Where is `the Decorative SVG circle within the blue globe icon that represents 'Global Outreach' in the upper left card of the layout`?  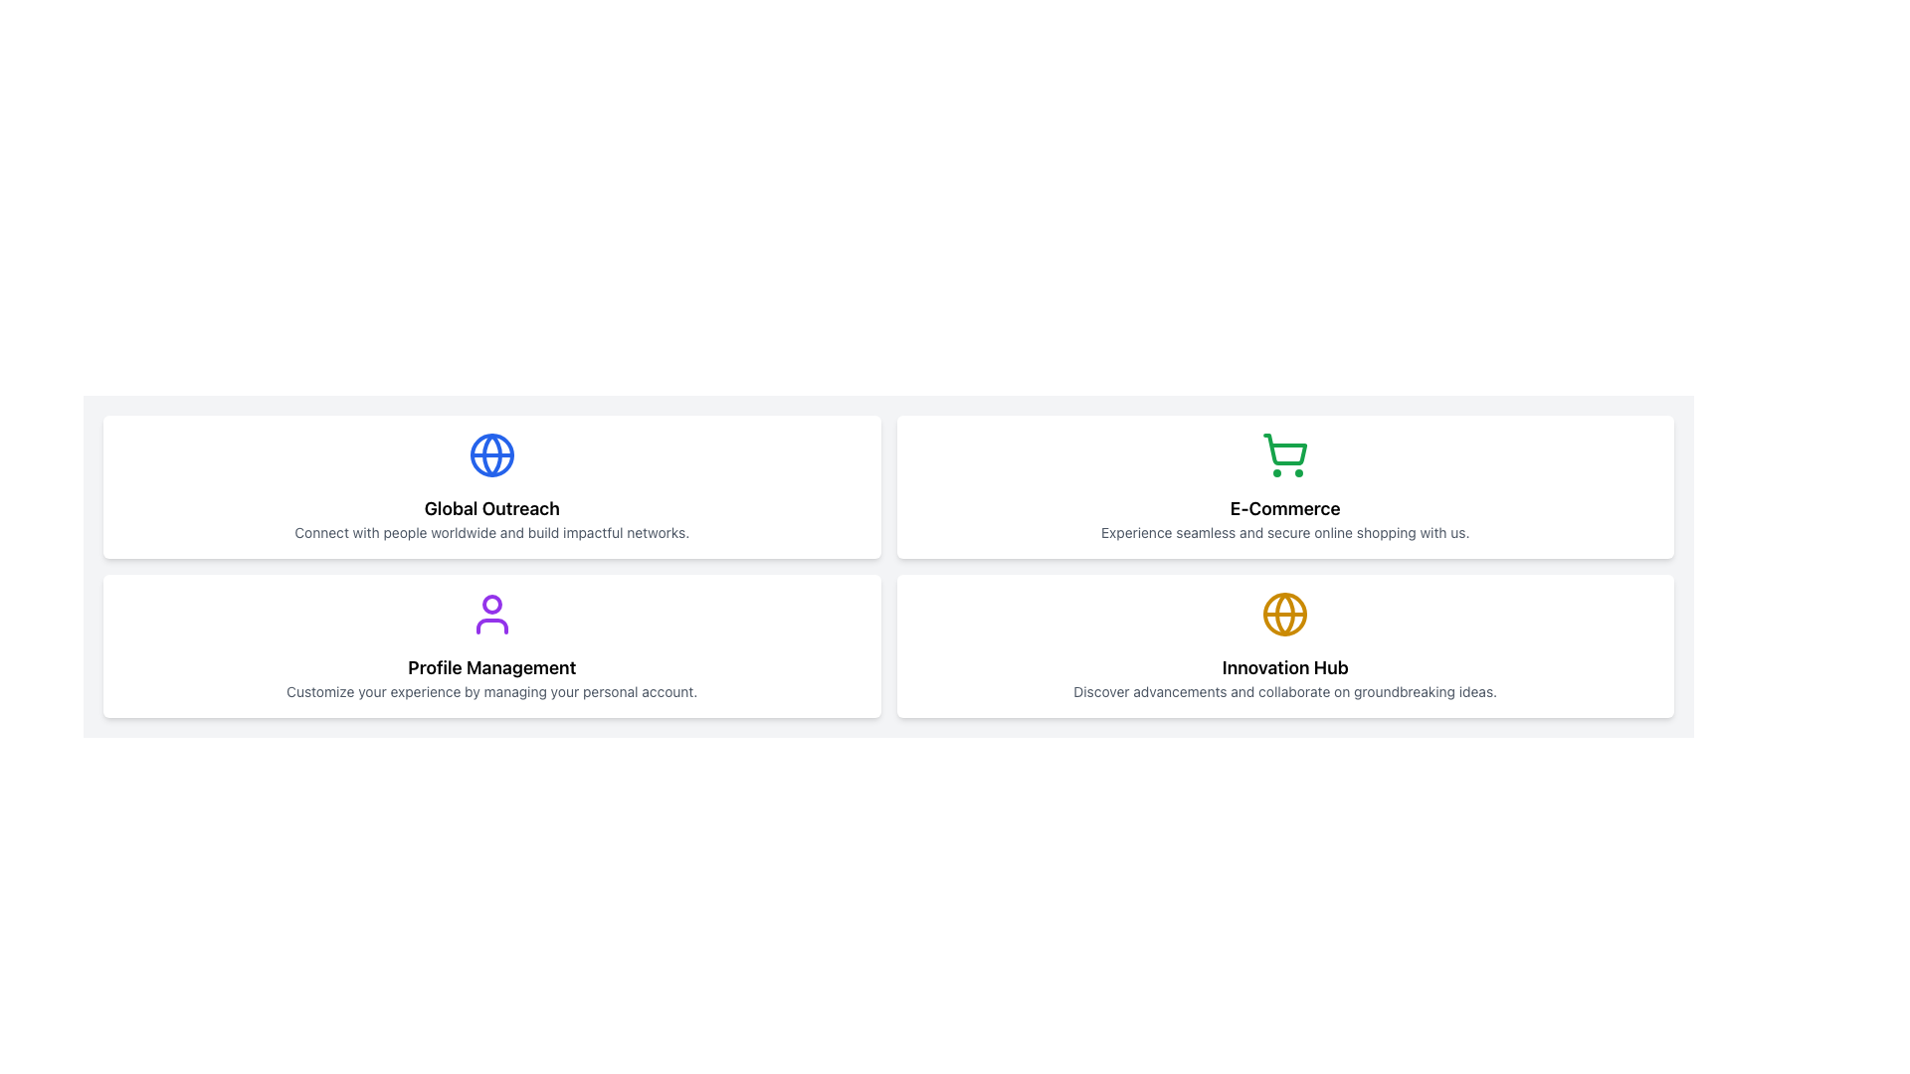 the Decorative SVG circle within the blue globe icon that represents 'Global Outreach' in the upper left card of the layout is located at coordinates (491, 455).